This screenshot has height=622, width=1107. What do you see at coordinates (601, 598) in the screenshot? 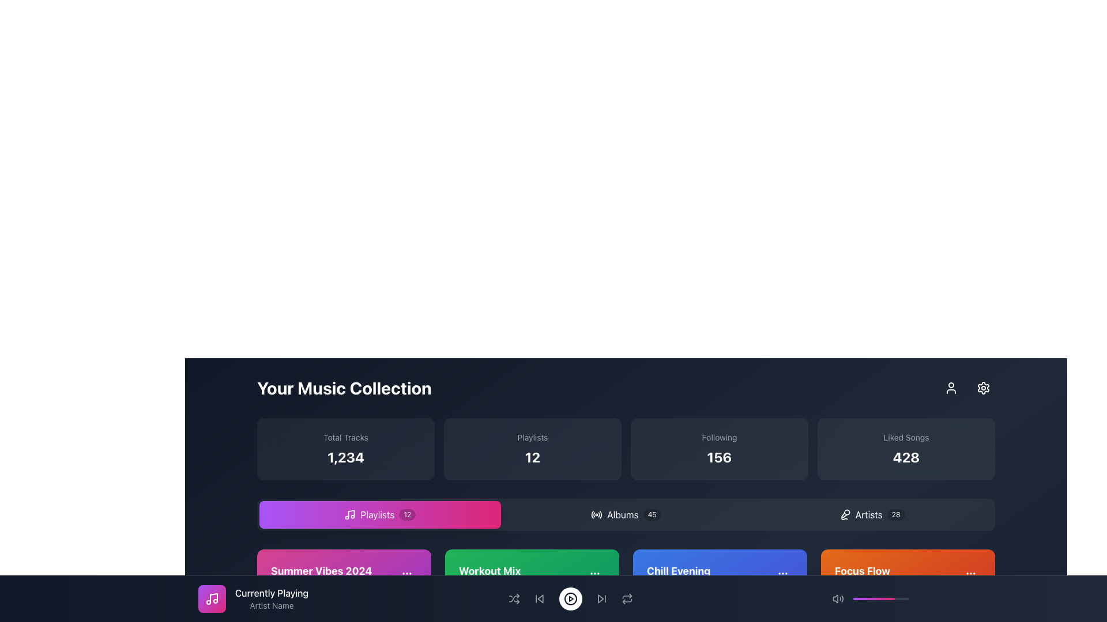
I see `the 'skip forward' button icon located in the media controls section of the bottom navigation bar to skip to the next item` at bounding box center [601, 598].